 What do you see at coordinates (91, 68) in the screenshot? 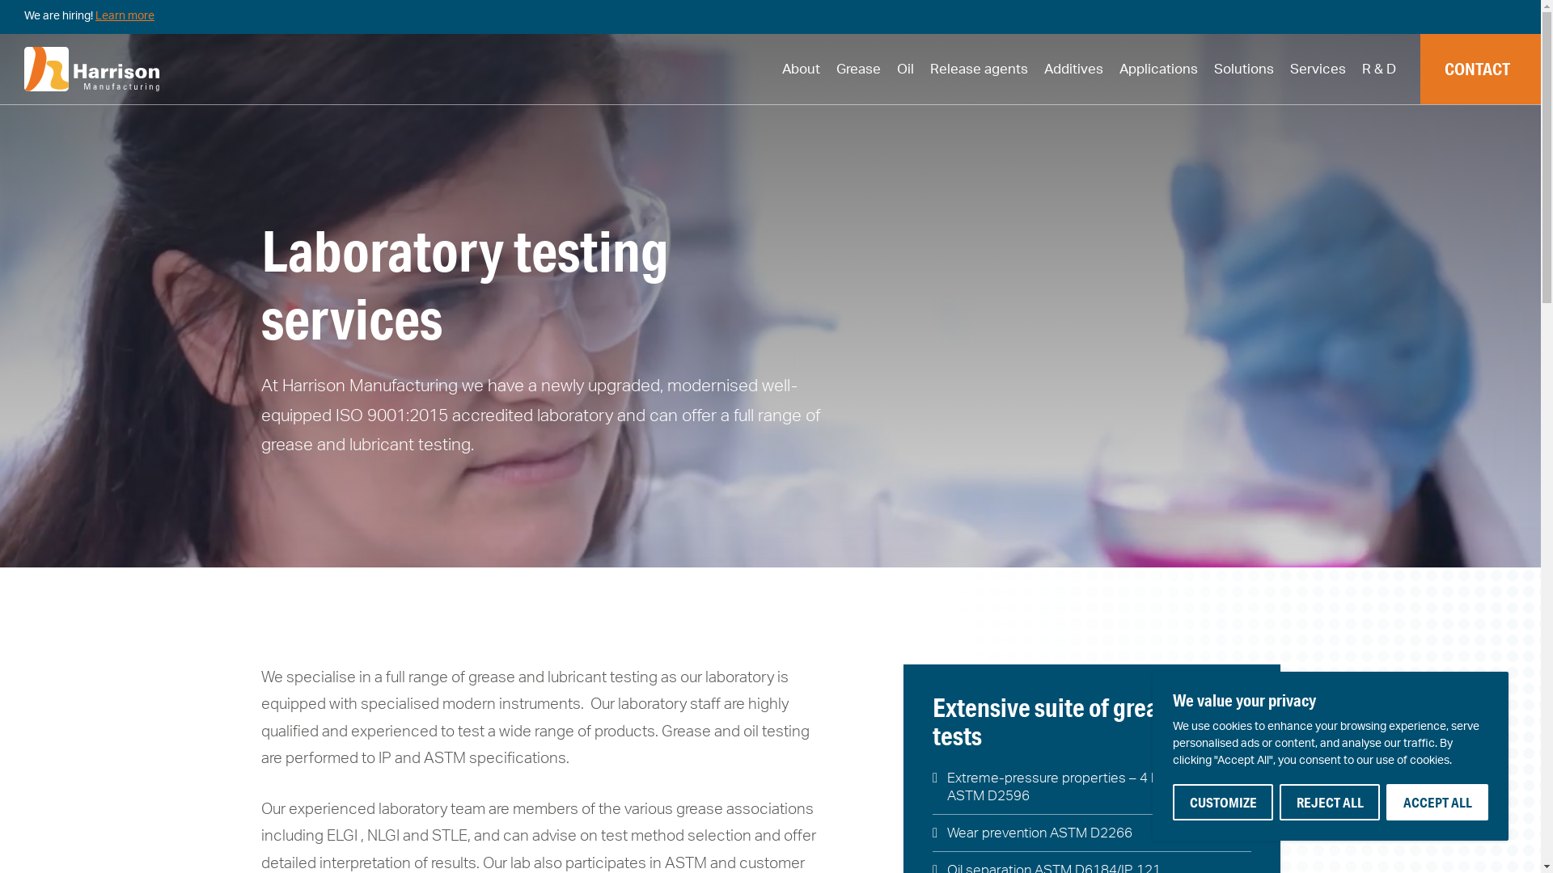
I see `'hmc-white-logo'` at bounding box center [91, 68].